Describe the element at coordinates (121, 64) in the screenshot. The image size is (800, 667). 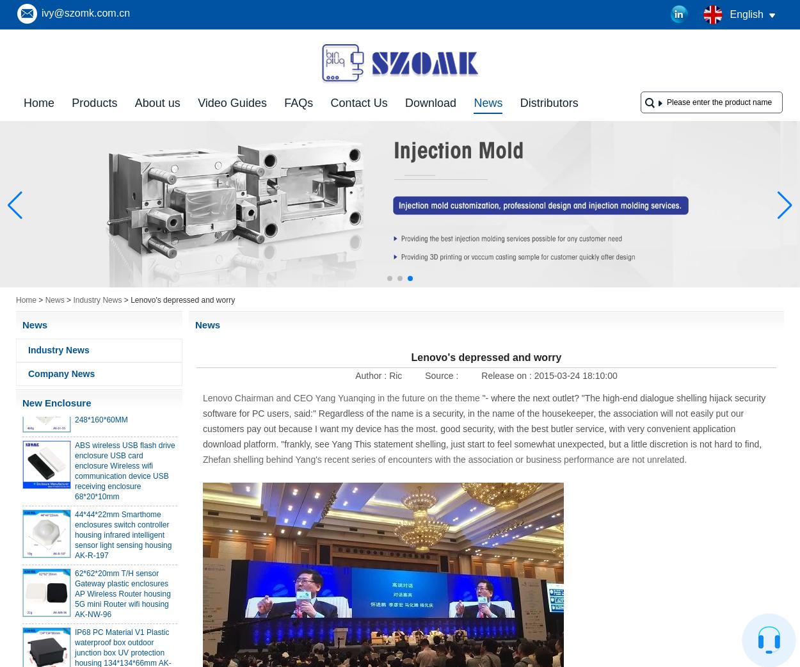
I see `'IP68 PC Material V1 Plastic waterproof box outdoor junction box UV protection housing 140*85*56mm'` at that location.